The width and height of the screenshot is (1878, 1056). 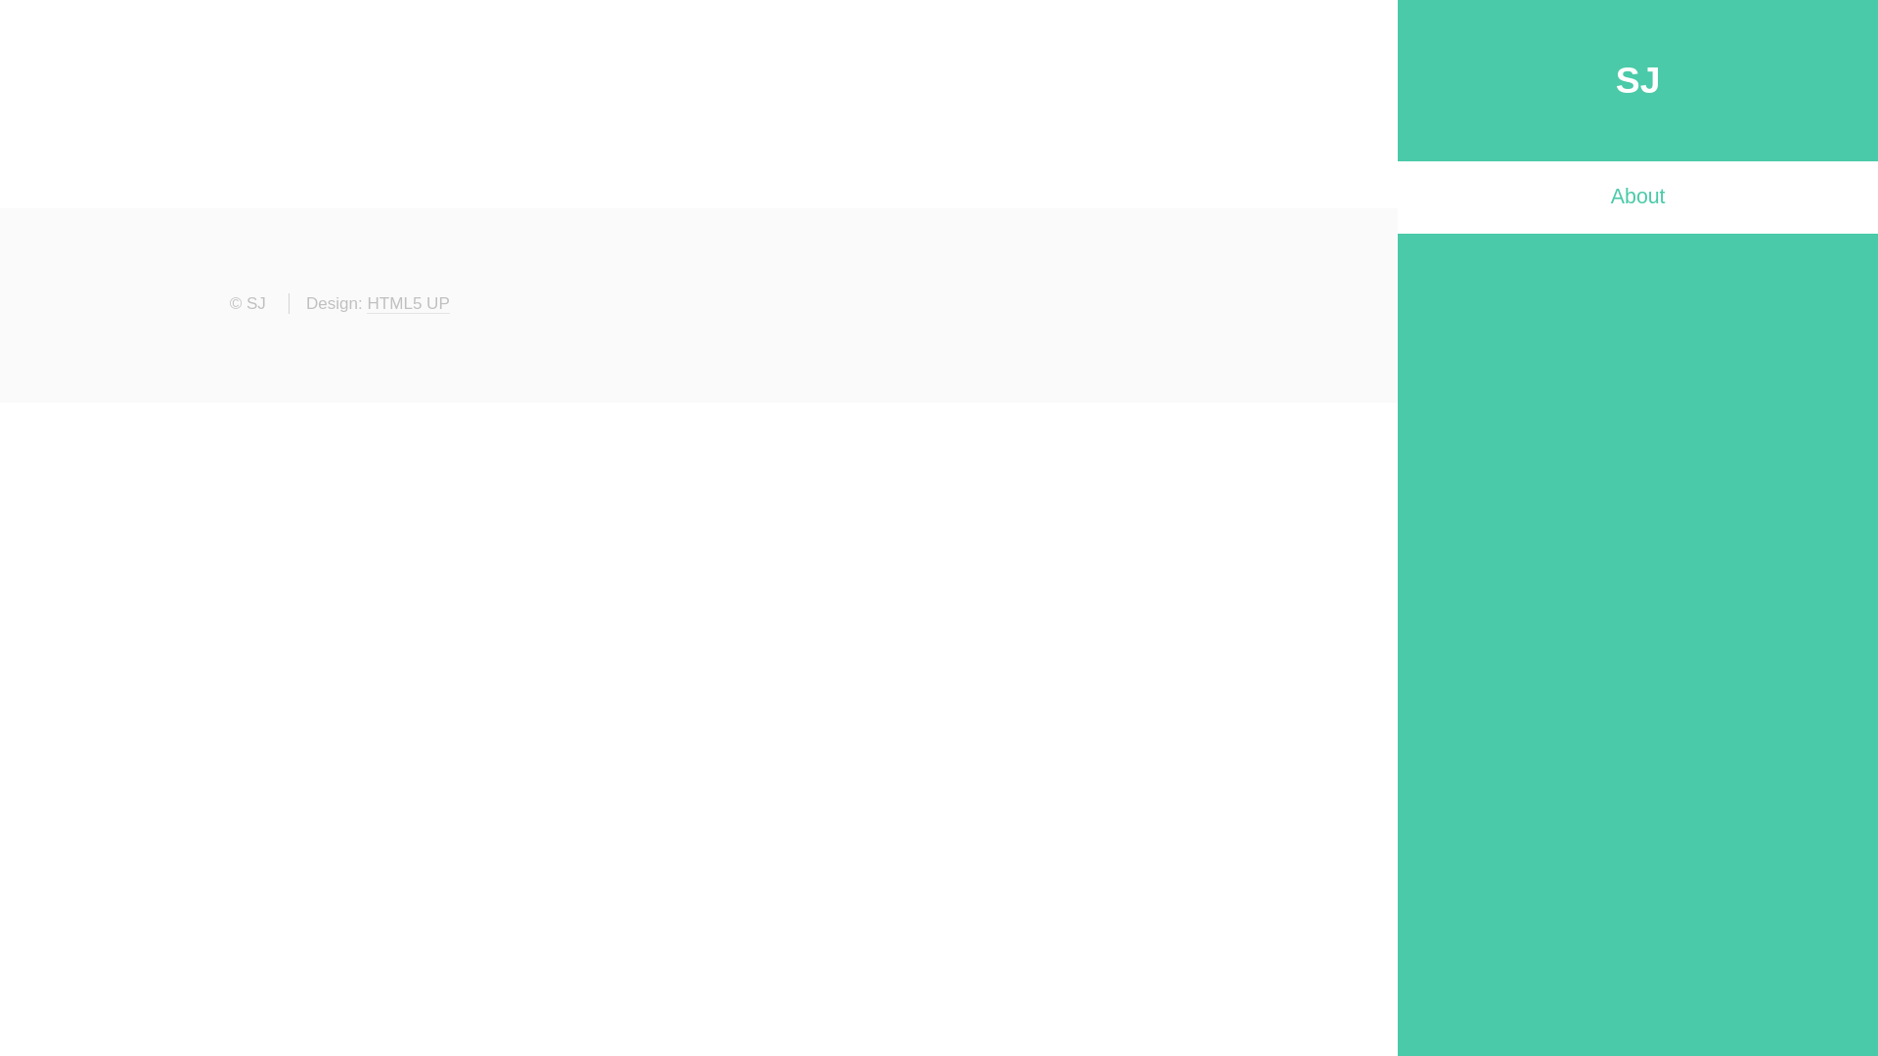 What do you see at coordinates (1638, 78) in the screenshot?
I see `'SJ'` at bounding box center [1638, 78].